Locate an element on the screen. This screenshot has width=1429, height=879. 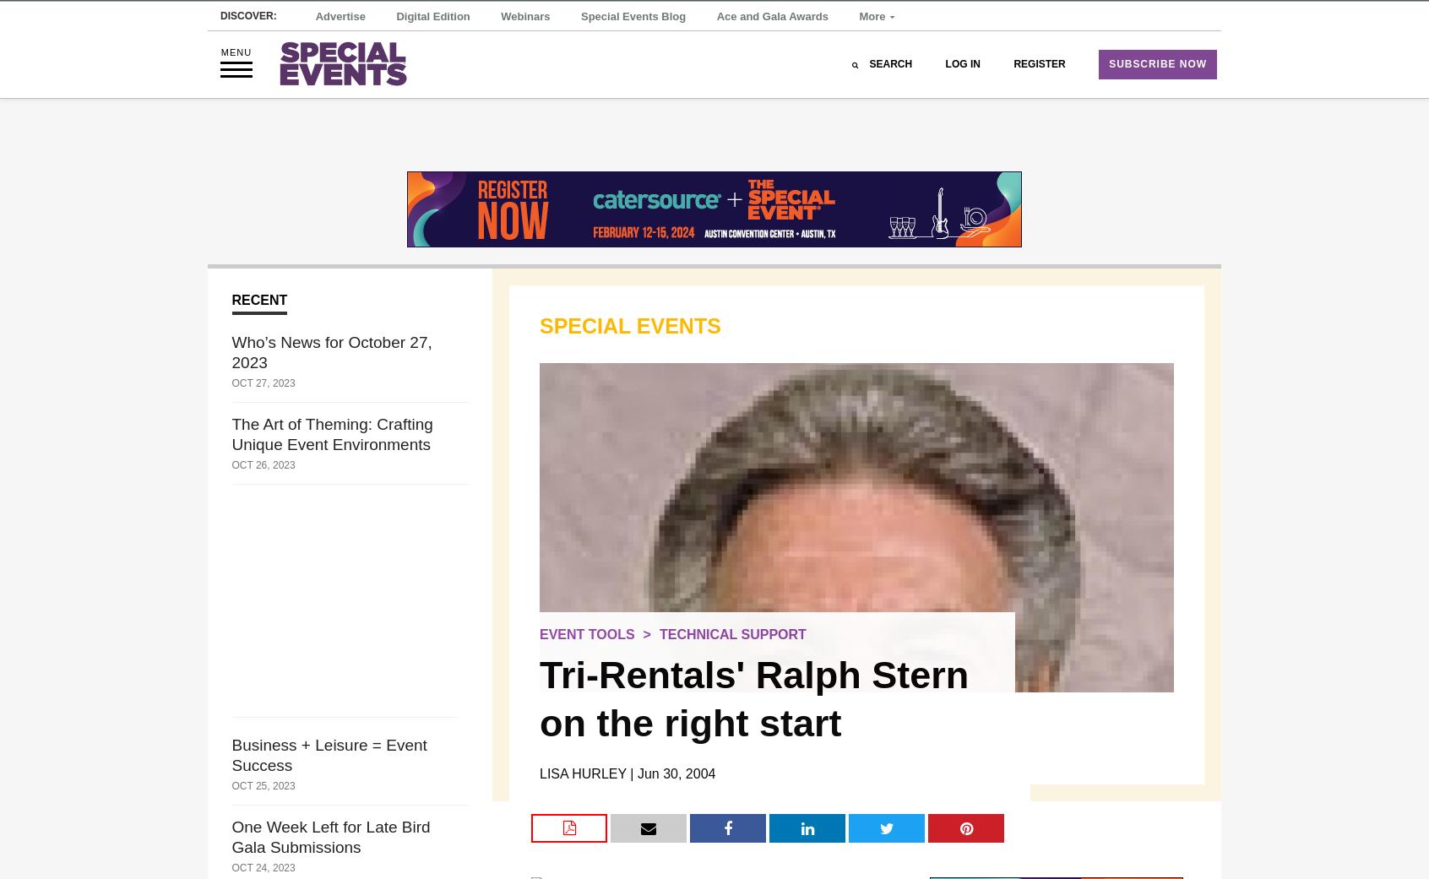
'Discover:' is located at coordinates (247, 43).